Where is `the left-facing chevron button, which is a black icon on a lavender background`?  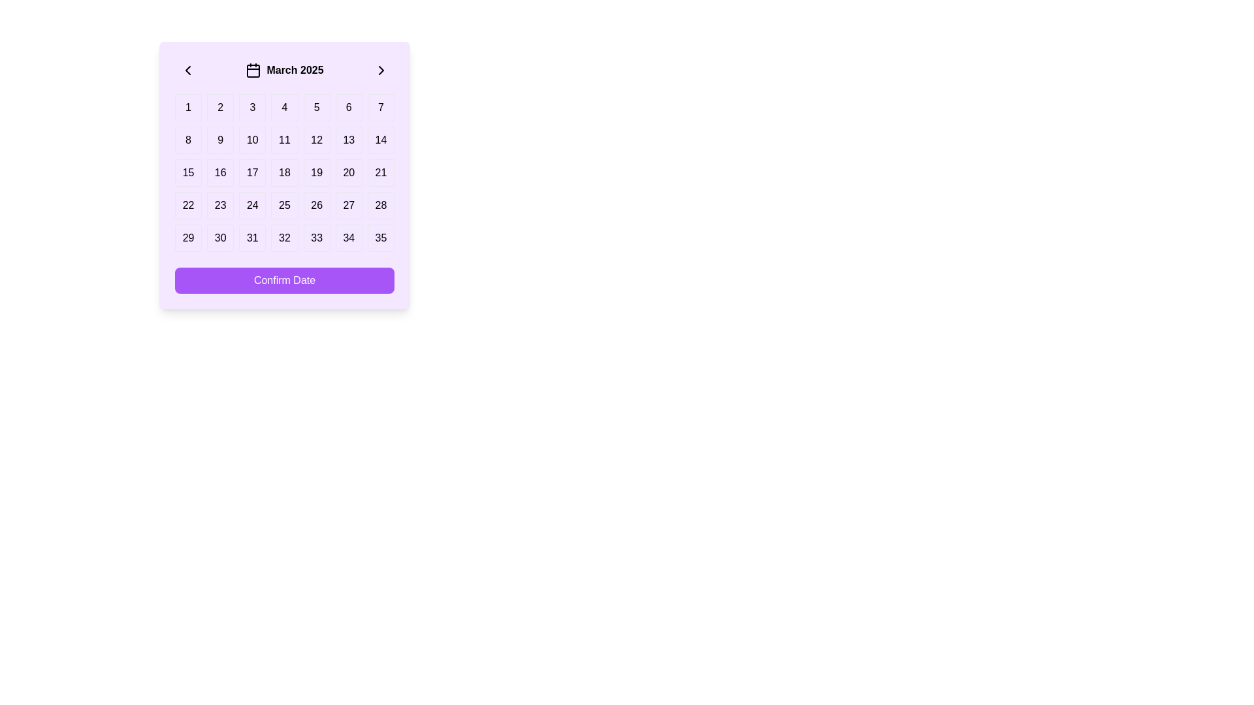 the left-facing chevron button, which is a black icon on a lavender background is located at coordinates (187, 70).